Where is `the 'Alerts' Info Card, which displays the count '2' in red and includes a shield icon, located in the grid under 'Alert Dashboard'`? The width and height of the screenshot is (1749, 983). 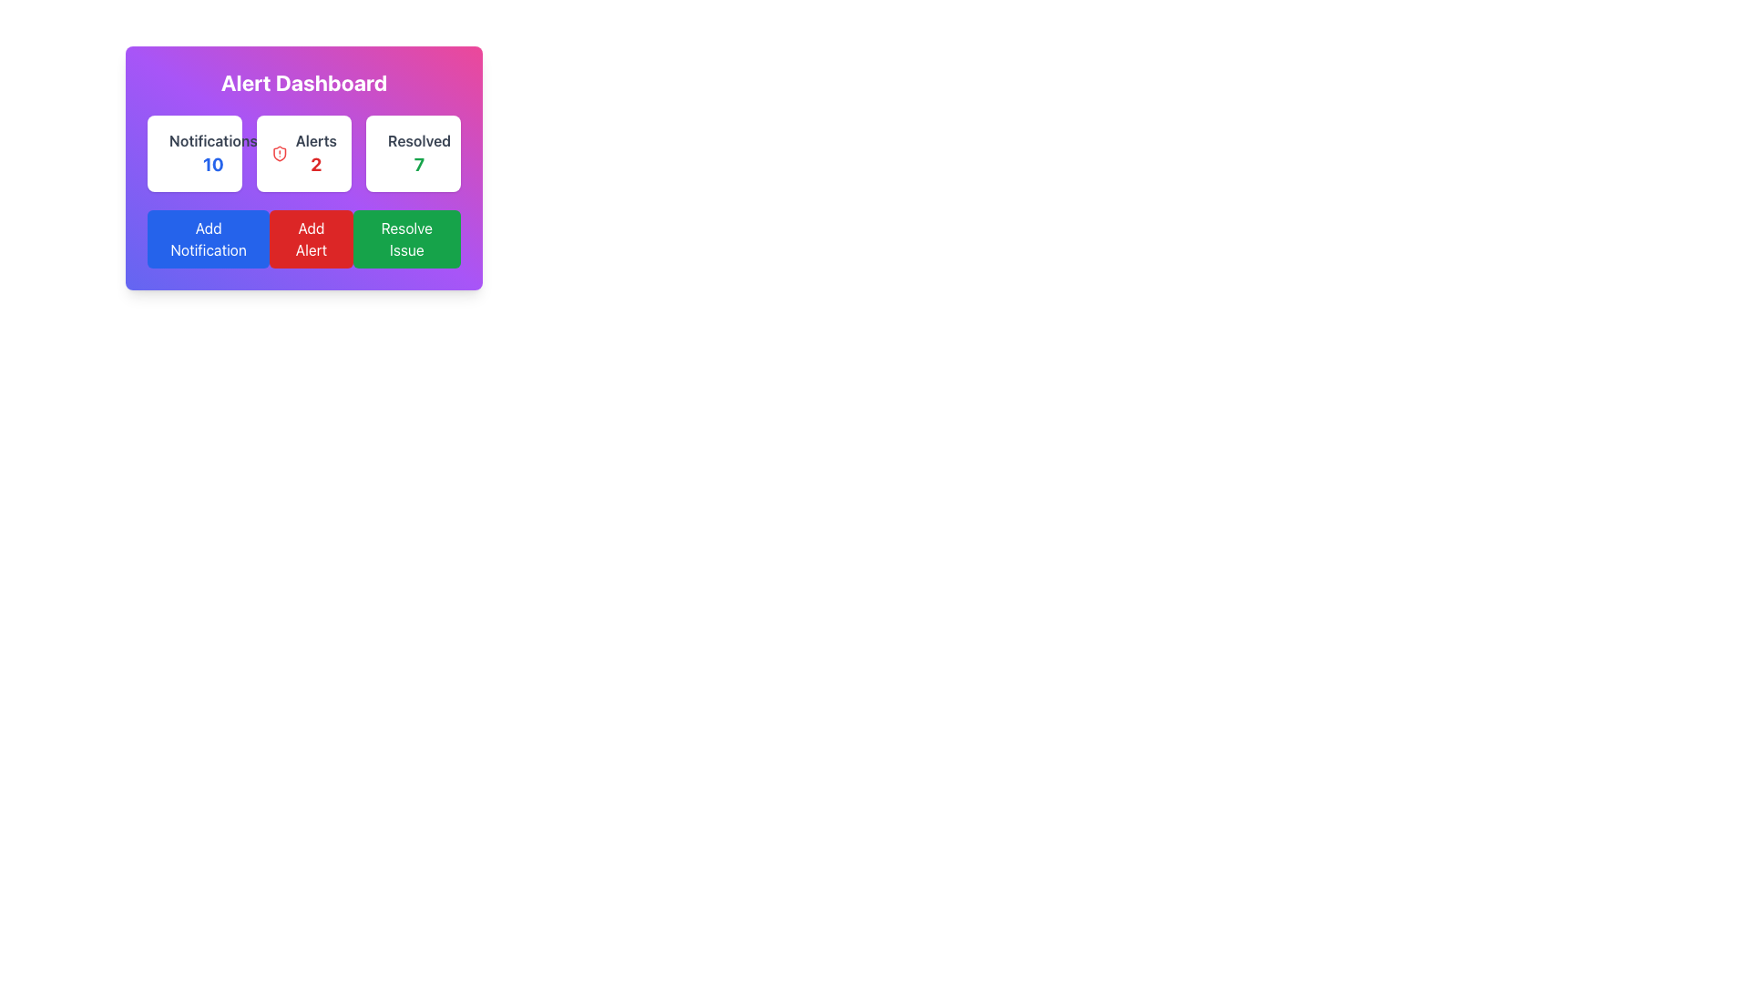 the 'Alerts' Info Card, which displays the count '2' in red and includes a shield icon, located in the grid under 'Alert Dashboard' is located at coordinates (304, 153).